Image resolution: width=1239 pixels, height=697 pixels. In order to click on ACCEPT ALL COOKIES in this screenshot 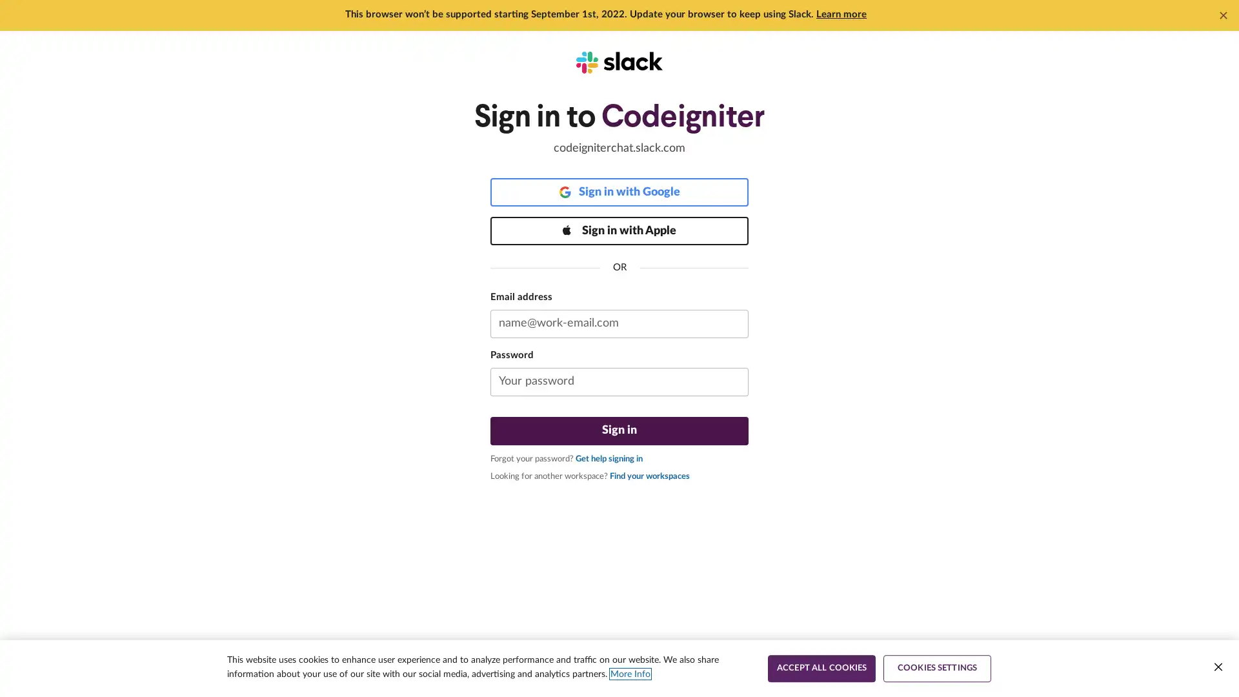, I will do `click(821, 668)`.